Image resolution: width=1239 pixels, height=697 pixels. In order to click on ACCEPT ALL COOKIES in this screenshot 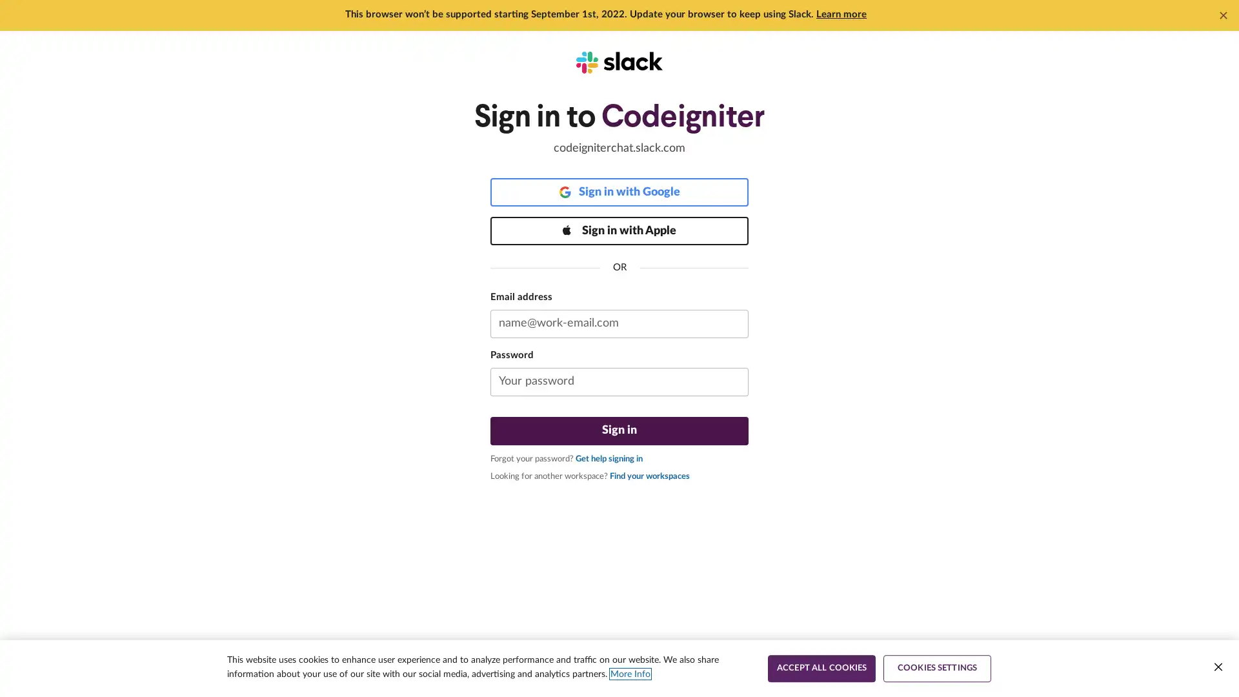, I will do `click(821, 668)`.